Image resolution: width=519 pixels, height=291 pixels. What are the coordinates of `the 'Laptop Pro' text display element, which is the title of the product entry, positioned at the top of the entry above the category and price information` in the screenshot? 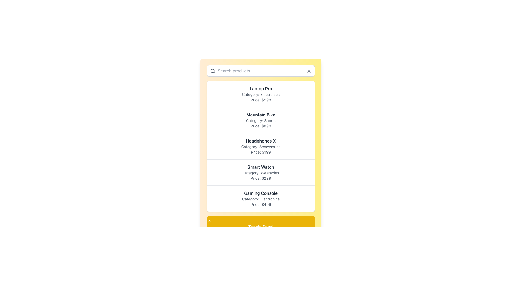 It's located at (261, 88).